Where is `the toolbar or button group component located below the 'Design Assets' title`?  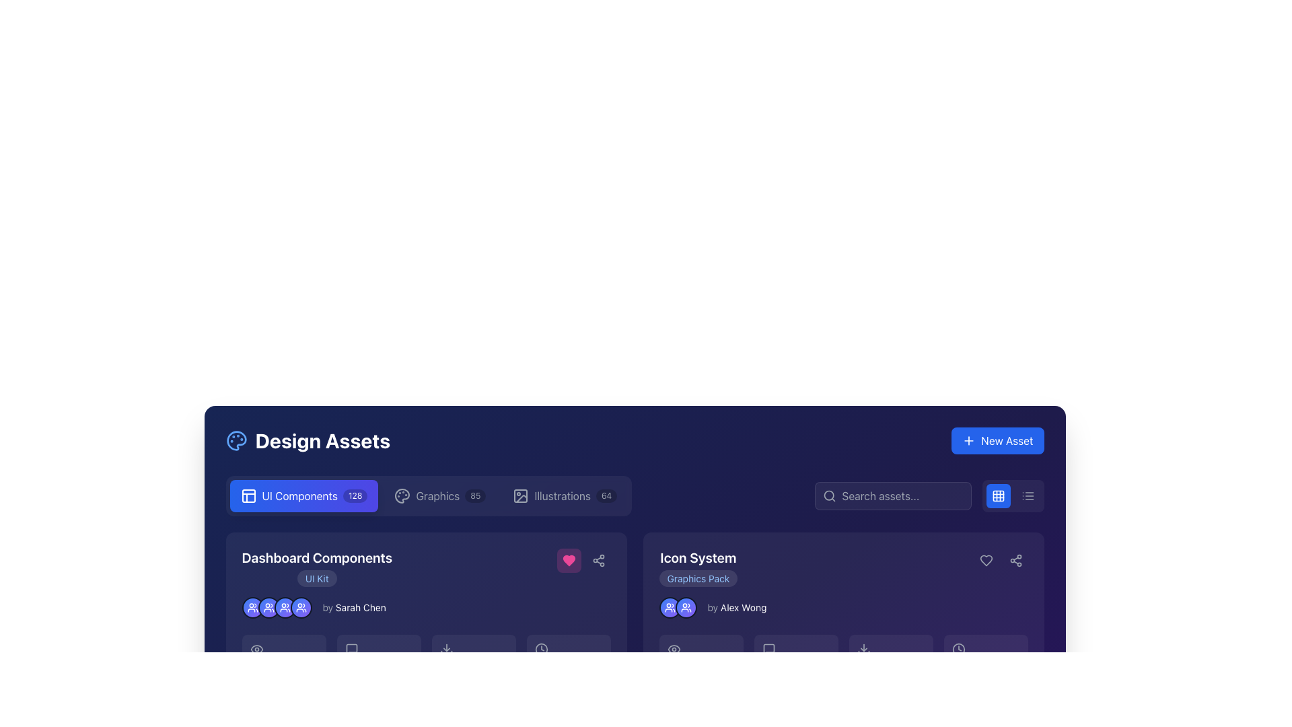
the toolbar or button group component located below the 'Design Assets' title is located at coordinates (428, 495).